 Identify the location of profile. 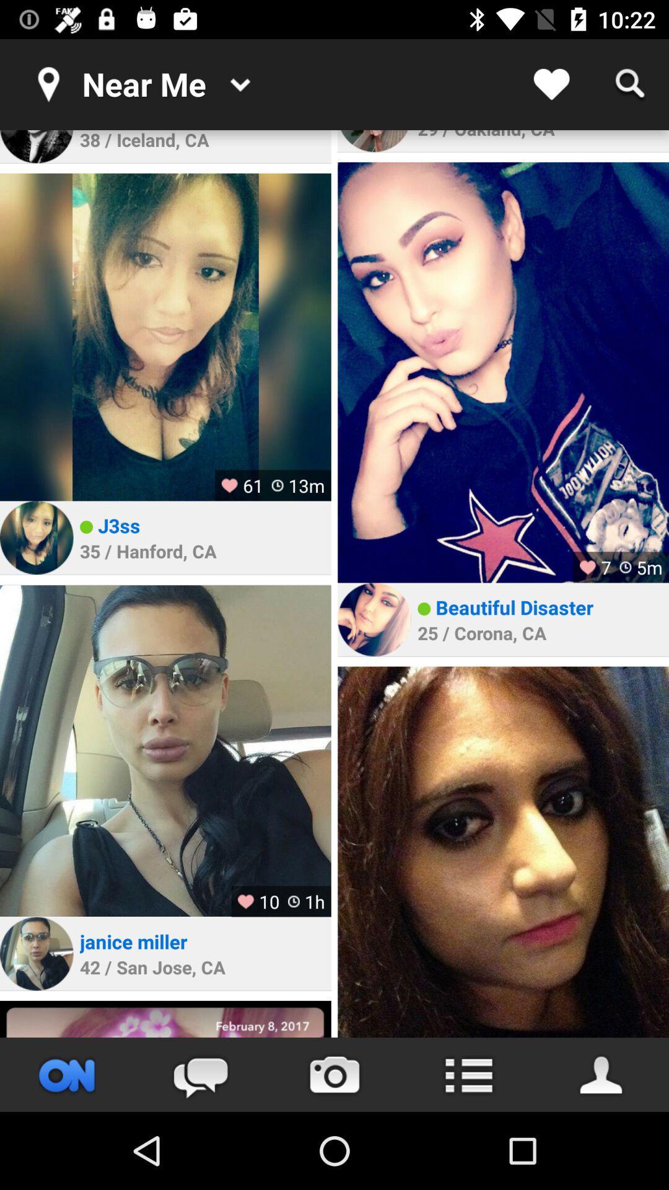
(601, 1074).